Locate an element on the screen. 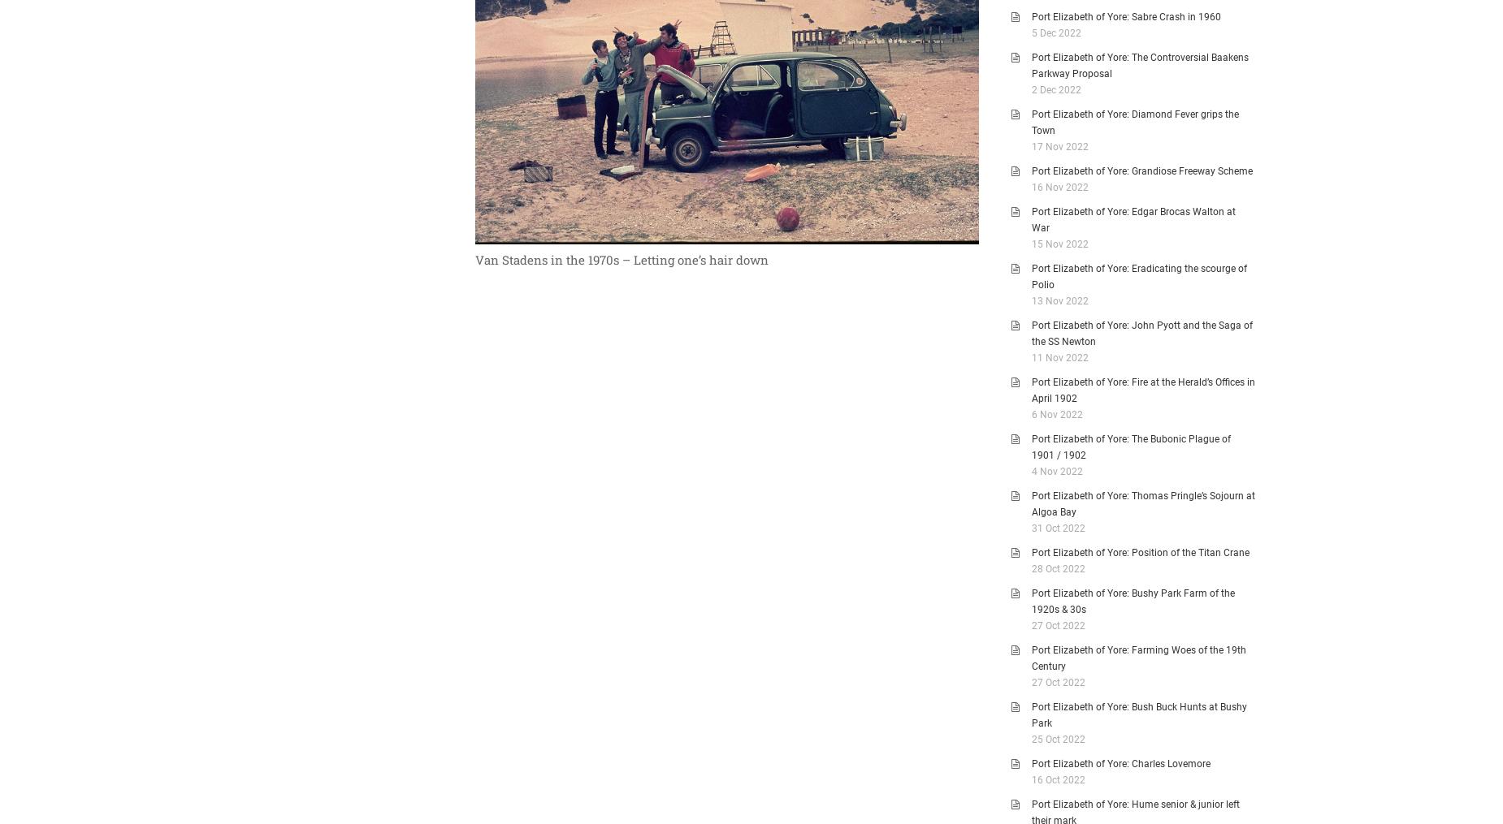 This screenshot has width=1503, height=824. 'Port Elizabeth of Yore: Farming Woes of the 19th Century' is located at coordinates (1138, 658).